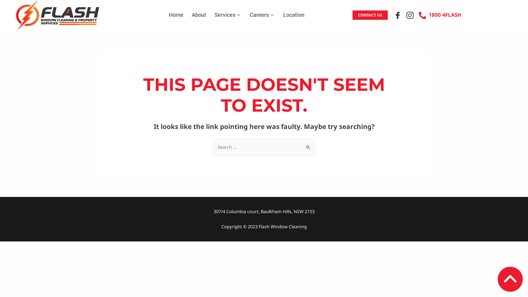 This screenshot has height=297, width=528. Describe the element at coordinates (176, 15) in the screenshot. I see `'Home'` at that location.